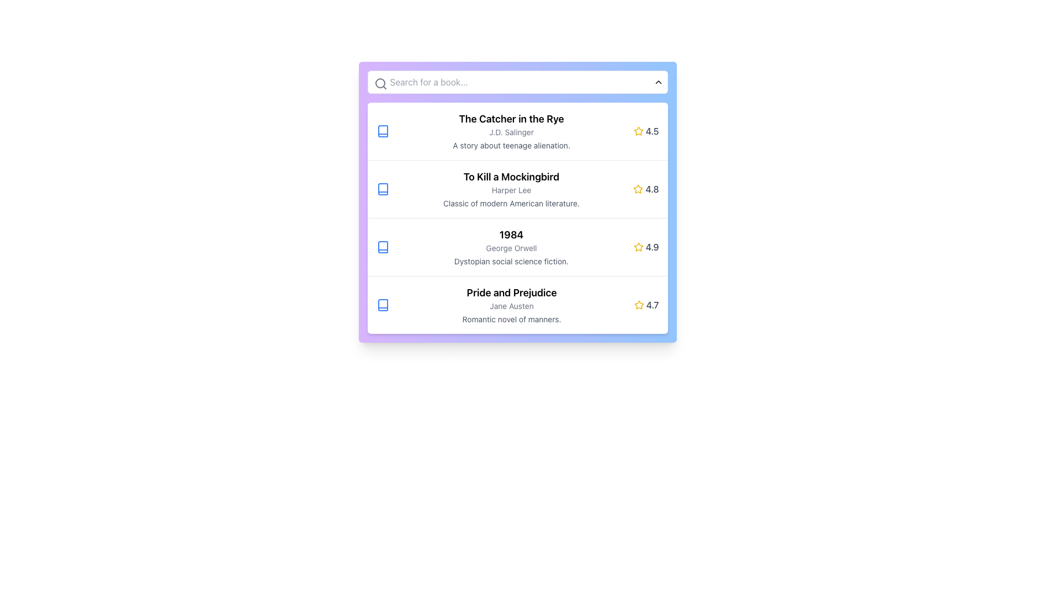 The image size is (1060, 596). Describe the element at coordinates (511, 131) in the screenshot. I see `the text label displaying 'J.D. Salinger', which is located beneath the title 'The Catcher in the Rye' and above the book's description` at that location.